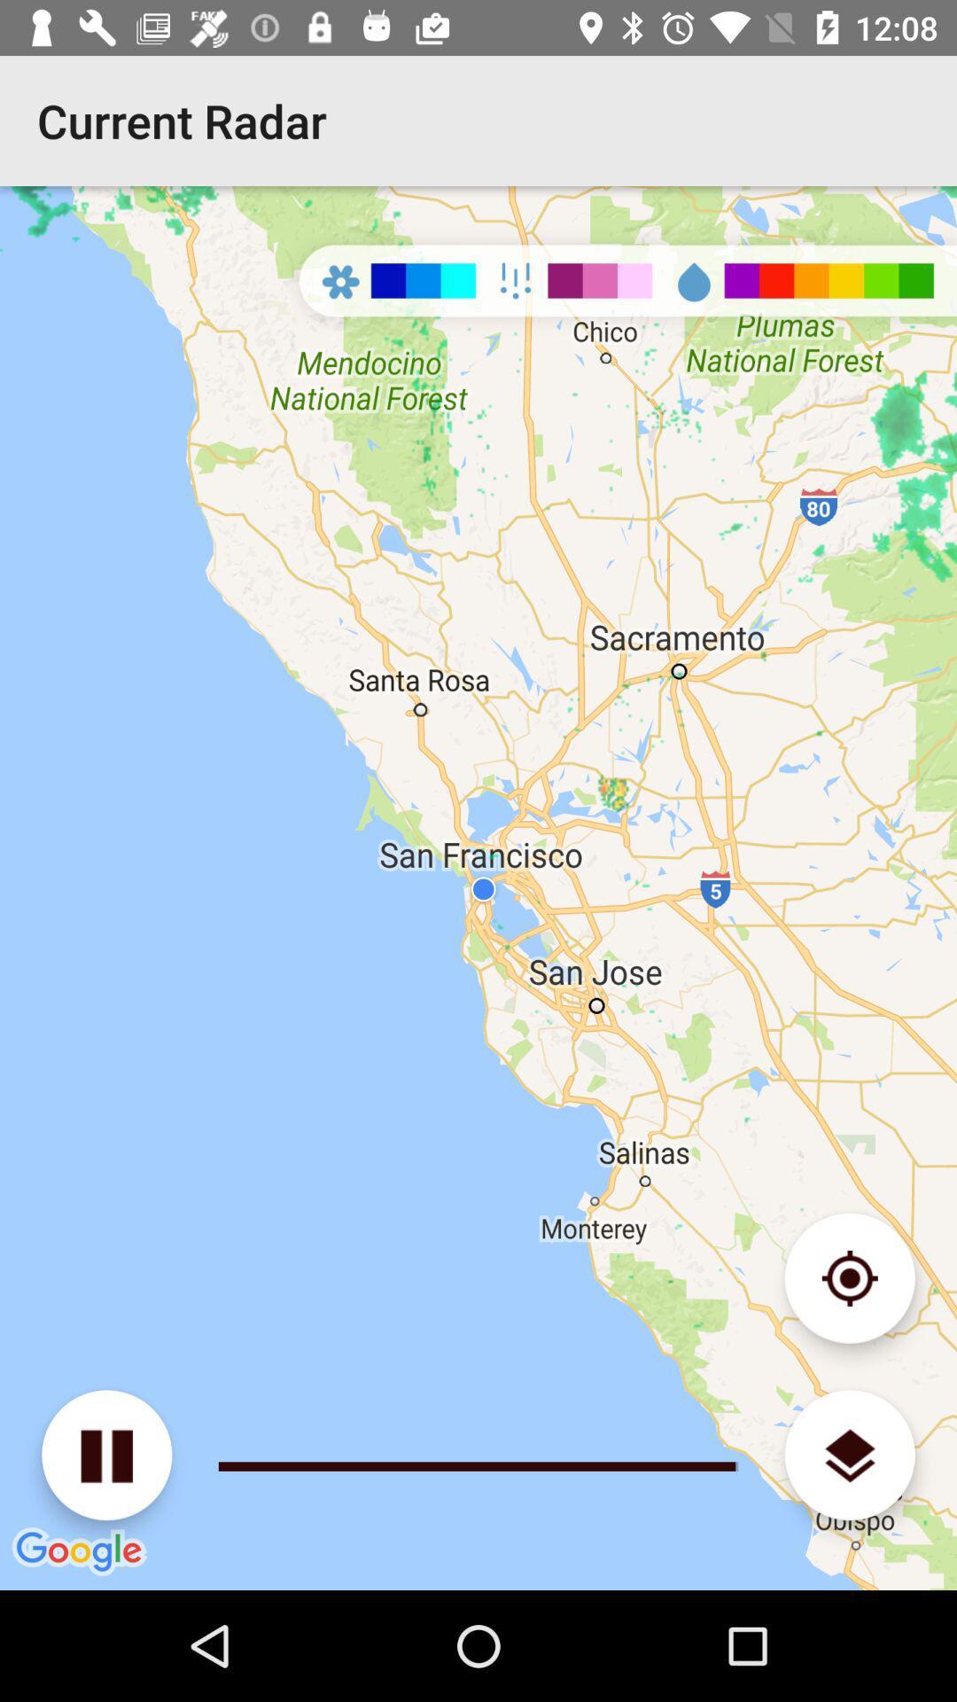 The height and width of the screenshot is (1702, 957). I want to click on pause, so click(106, 1455).